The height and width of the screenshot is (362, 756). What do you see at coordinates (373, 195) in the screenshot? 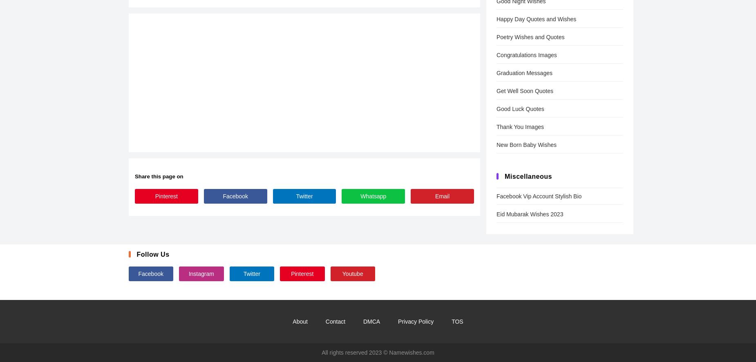
I see `'Whatsapp'` at bounding box center [373, 195].